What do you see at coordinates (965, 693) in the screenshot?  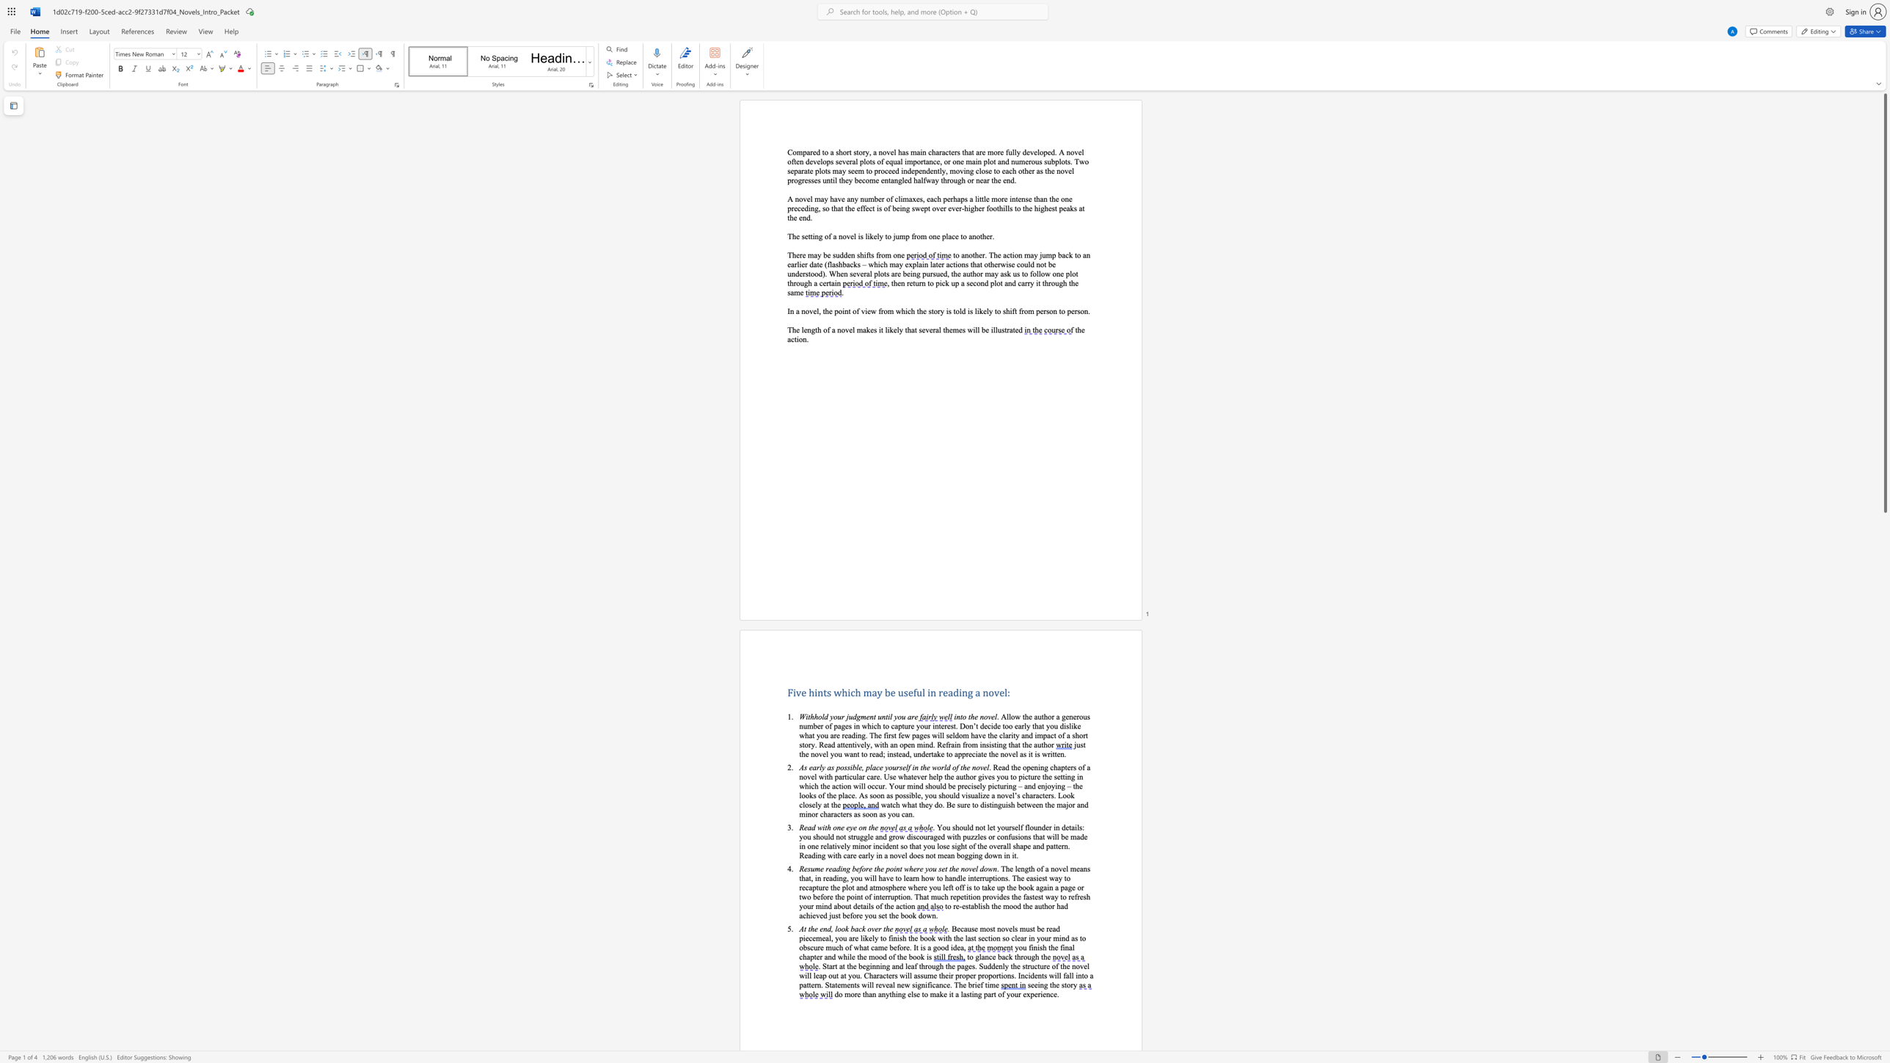 I see `the 3th character "n" in the text` at bounding box center [965, 693].